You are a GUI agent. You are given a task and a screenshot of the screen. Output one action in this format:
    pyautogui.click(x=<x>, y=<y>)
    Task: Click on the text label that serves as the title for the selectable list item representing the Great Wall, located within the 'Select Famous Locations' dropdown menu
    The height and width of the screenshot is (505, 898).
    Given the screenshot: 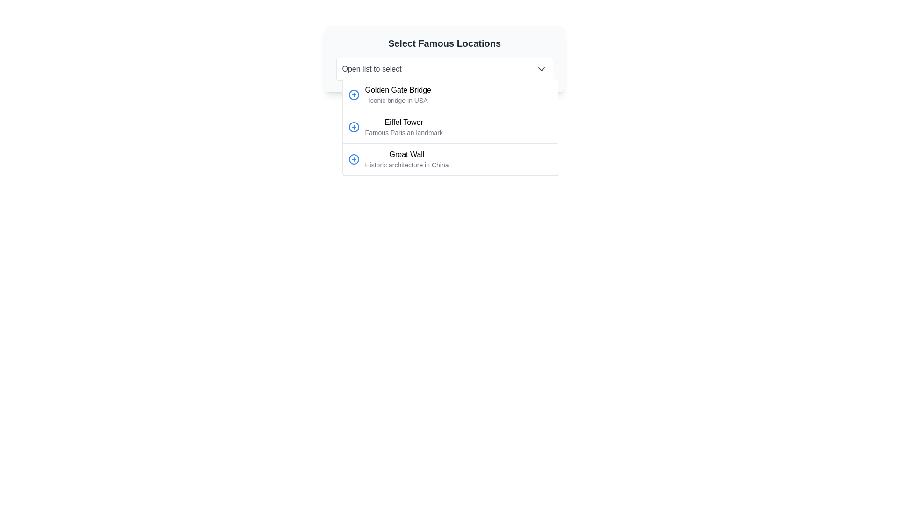 What is the action you would take?
    pyautogui.click(x=406, y=154)
    